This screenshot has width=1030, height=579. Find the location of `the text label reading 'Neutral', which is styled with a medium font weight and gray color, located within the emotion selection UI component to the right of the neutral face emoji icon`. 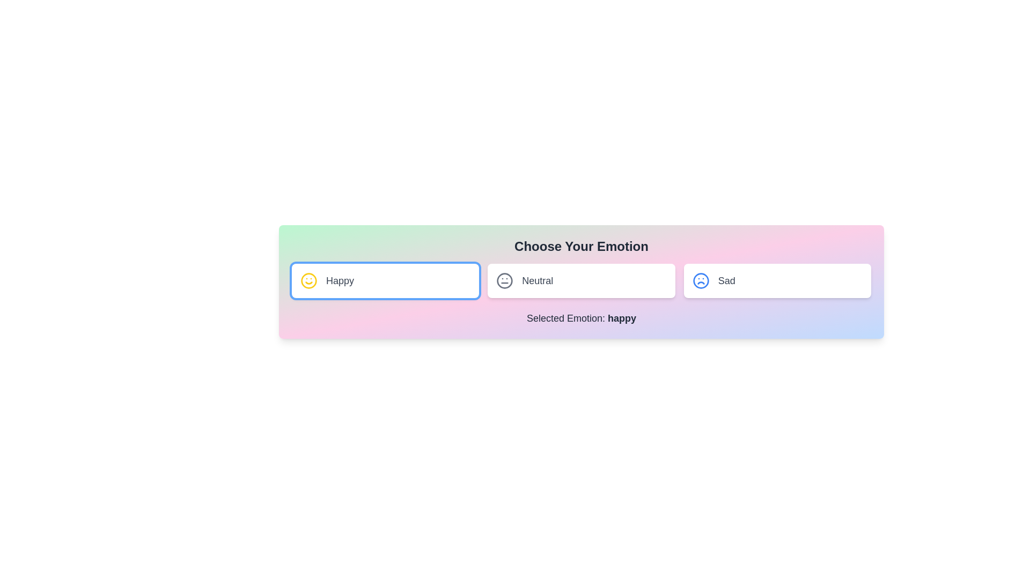

the text label reading 'Neutral', which is styled with a medium font weight and gray color, located within the emotion selection UI component to the right of the neutral face emoji icon is located at coordinates (538, 280).